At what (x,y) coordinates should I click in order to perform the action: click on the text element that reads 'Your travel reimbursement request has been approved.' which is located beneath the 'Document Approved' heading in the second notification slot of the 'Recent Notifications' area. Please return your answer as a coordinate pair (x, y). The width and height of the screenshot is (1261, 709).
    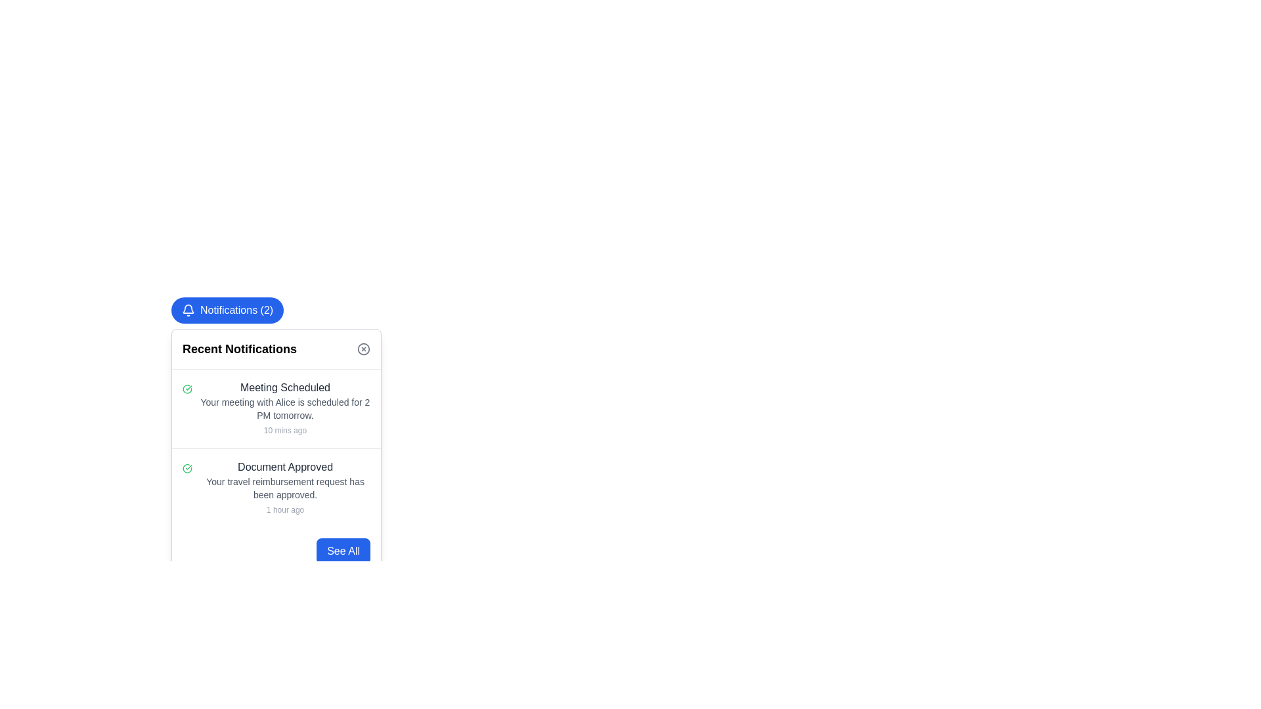
    Looking at the image, I should click on (284, 488).